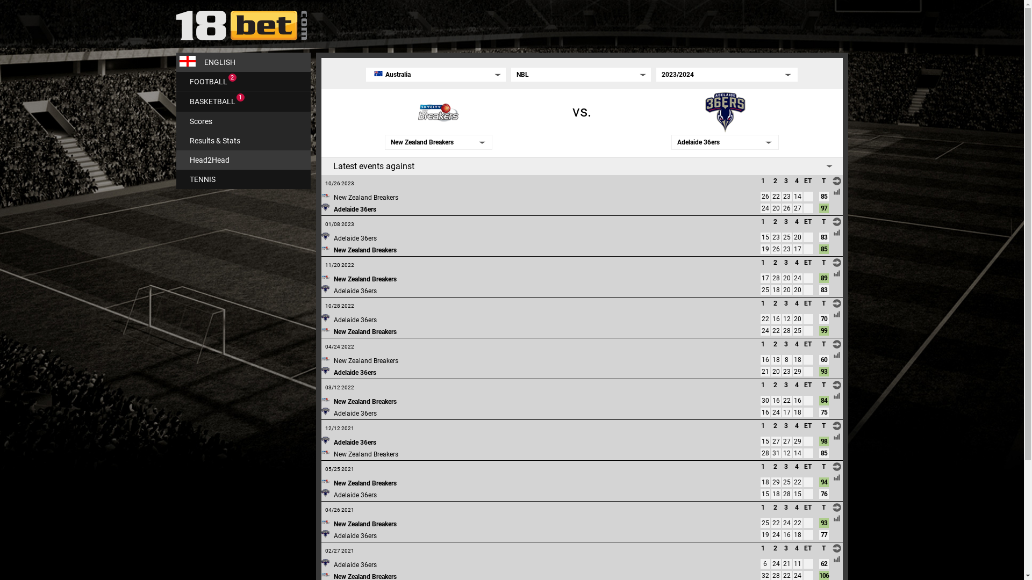  What do you see at coordinates (332, 209) in the screenshot?
I see `'Adelaide 36ers'` at bounding box center [332, 209].